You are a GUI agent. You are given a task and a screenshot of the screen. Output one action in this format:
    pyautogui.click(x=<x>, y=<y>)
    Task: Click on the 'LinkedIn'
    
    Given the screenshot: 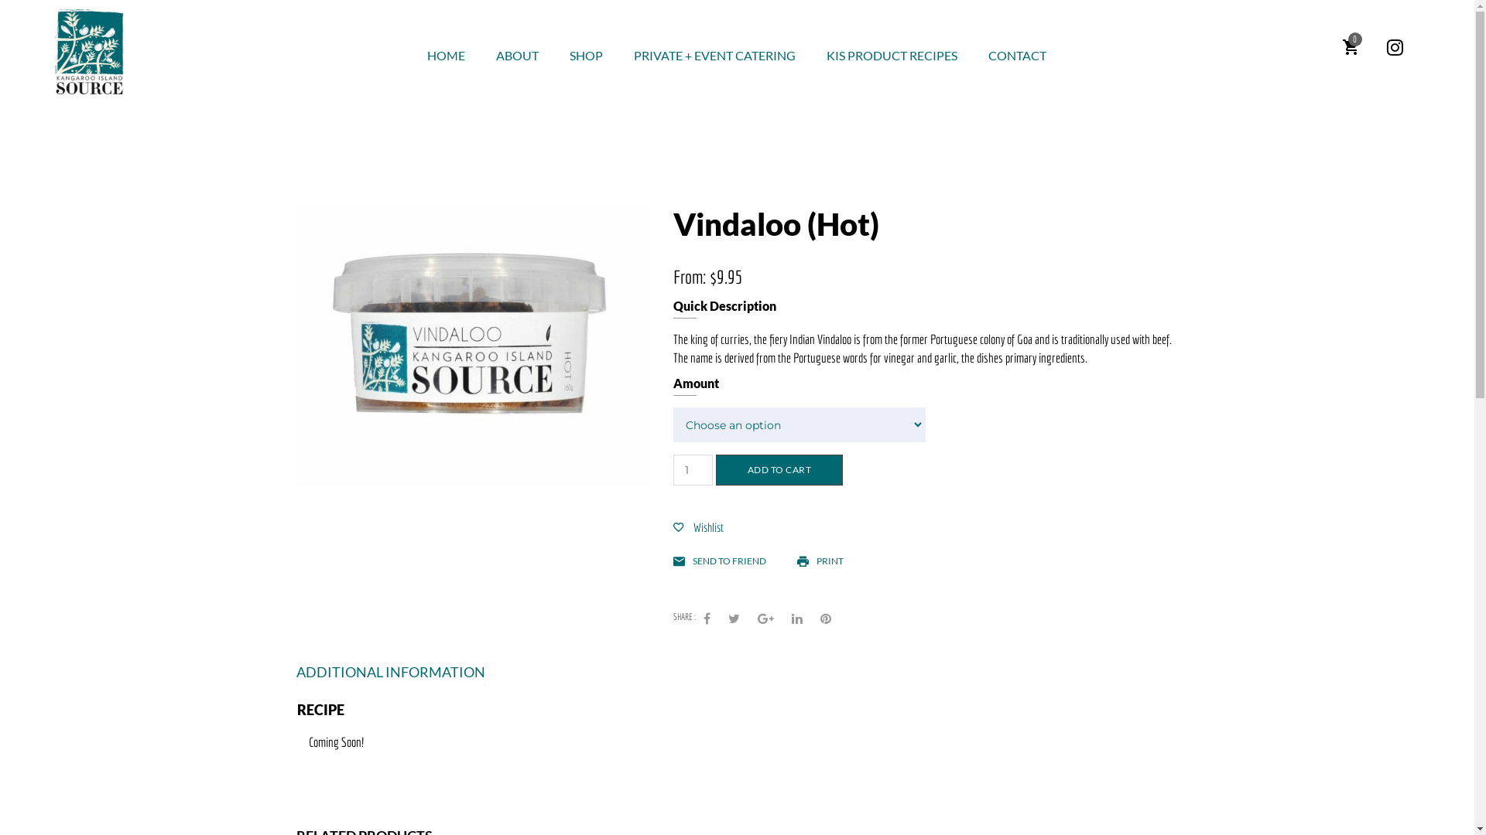 What is the action you would take?
    pyautogui.click(x=797, y=617)
    